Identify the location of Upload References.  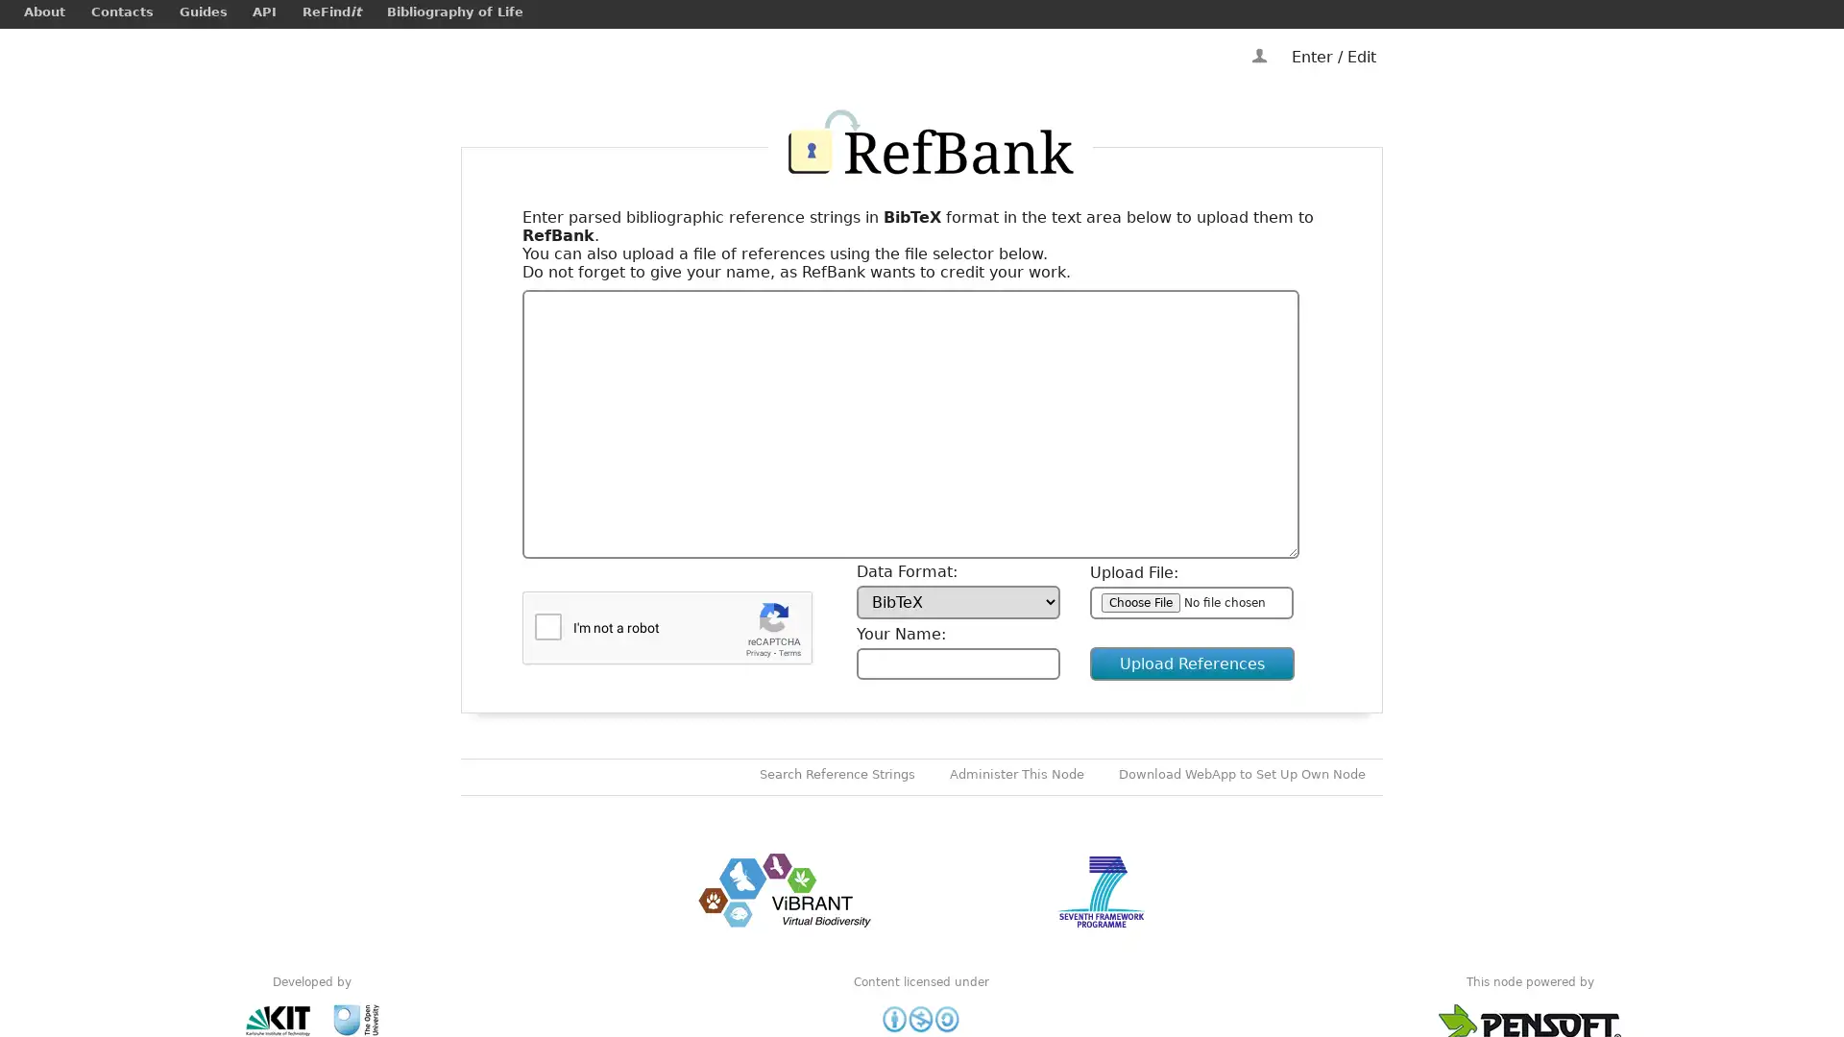
(1191, 663).